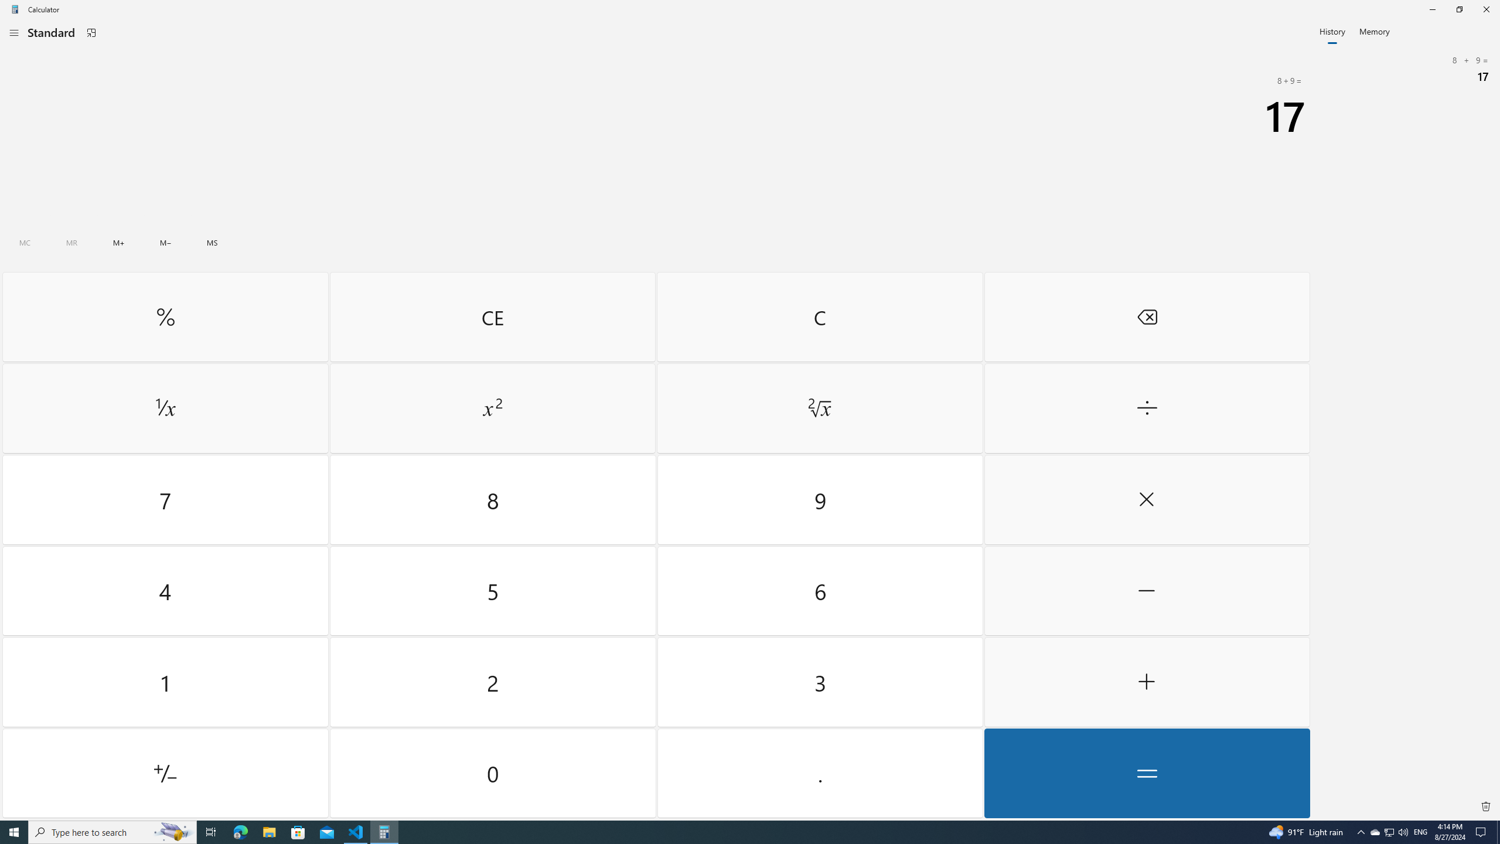 The image size is (1500, 844). Describe the element at coordinates (212, 242) in the screenshot. I see `'Memory store'` at that location.